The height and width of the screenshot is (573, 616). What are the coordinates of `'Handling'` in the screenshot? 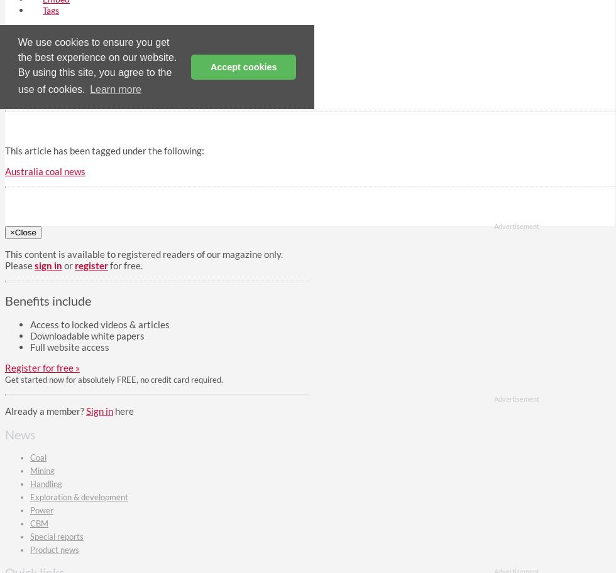 It's located at (46, 483).